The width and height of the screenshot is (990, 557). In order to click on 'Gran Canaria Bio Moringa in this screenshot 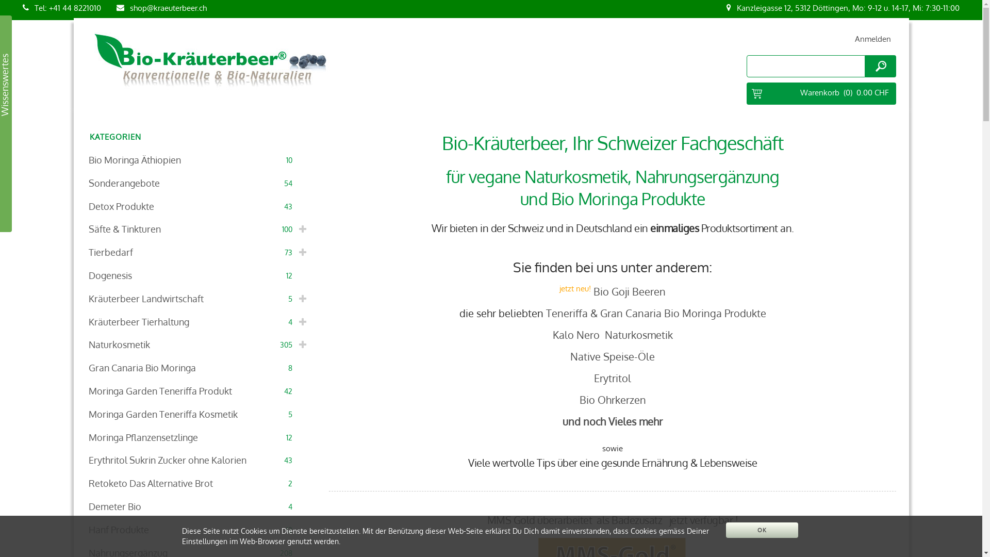, I will do `click(200, 367)`.